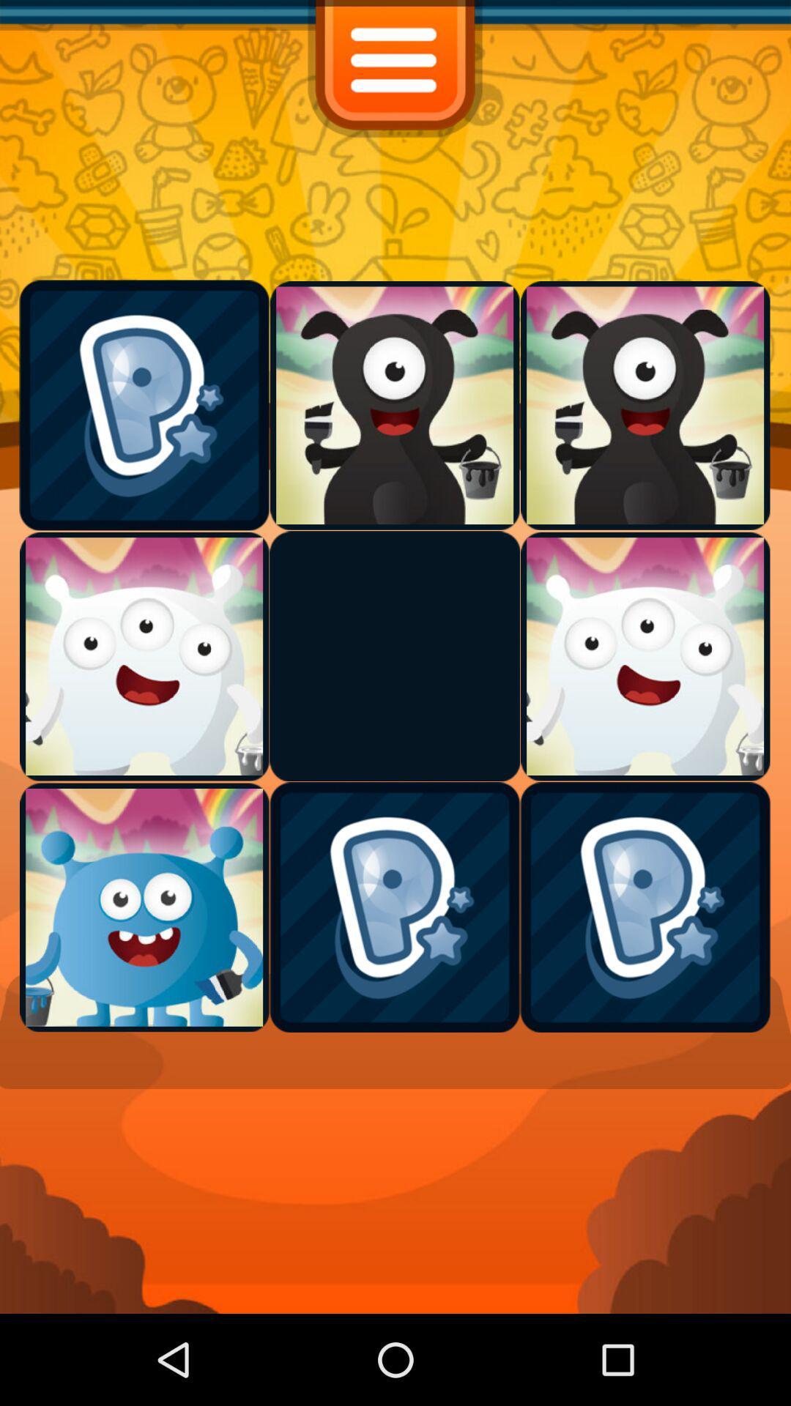  What do you see at coordinates (394, 73) in the screenshot?
I see `the menu icon` at bounding box center [394, 73].